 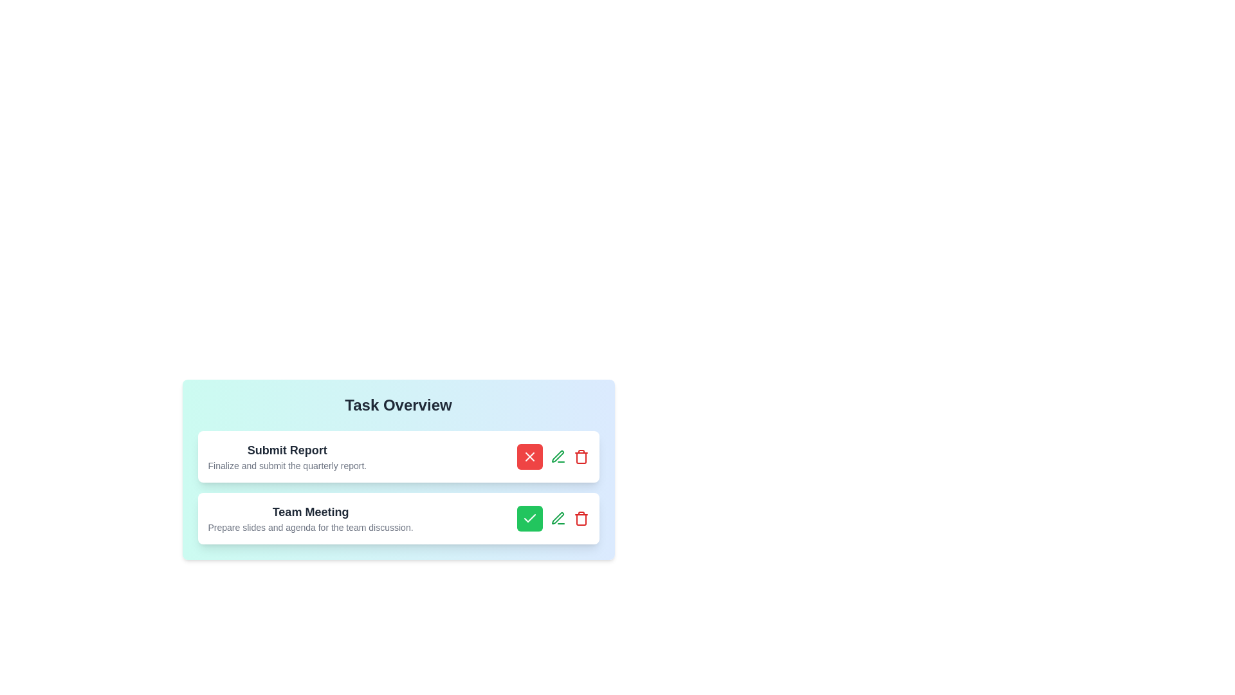 What do you see at coordinates (558, 456) in the screenshot?
I see `edit button for the task titled 'Submit Report'` at bounding box center [558, 456].